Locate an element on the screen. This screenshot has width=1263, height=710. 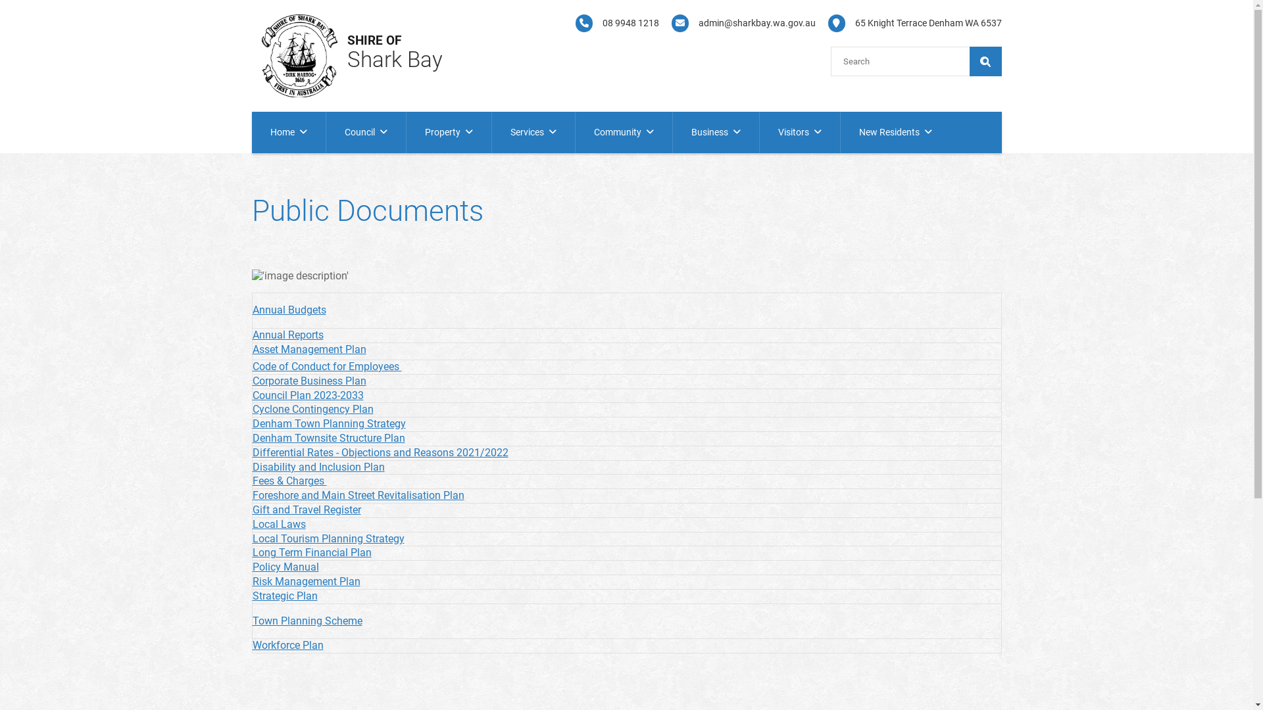
'Corporate Business Plan' is located at coordinates (309, 381).